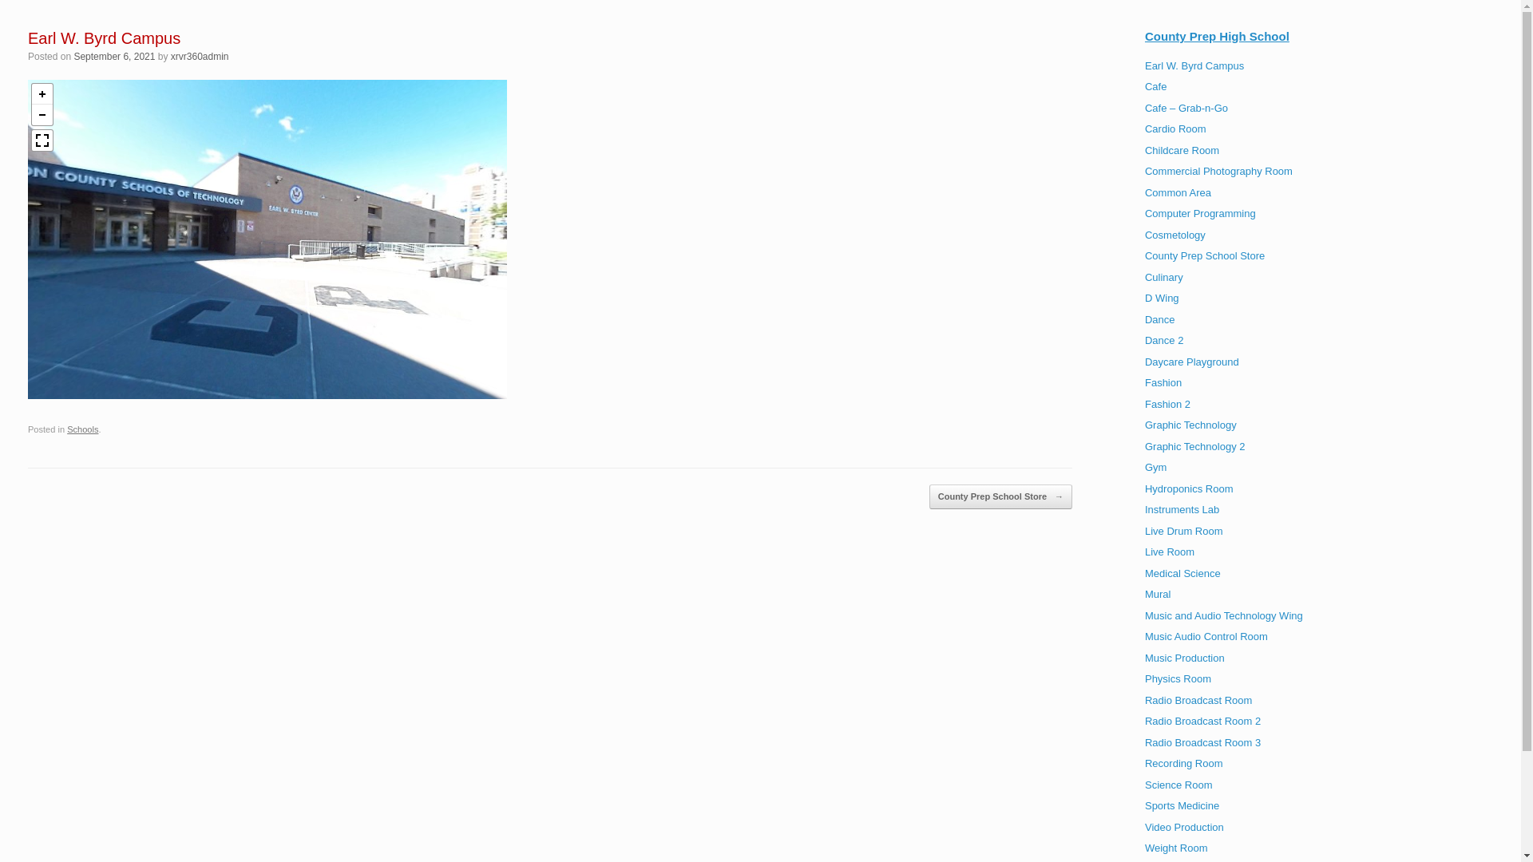  Describe the element at coordinates (1144, 635) in the screenshot. I see `'Music Audio Control Room'` at that location.